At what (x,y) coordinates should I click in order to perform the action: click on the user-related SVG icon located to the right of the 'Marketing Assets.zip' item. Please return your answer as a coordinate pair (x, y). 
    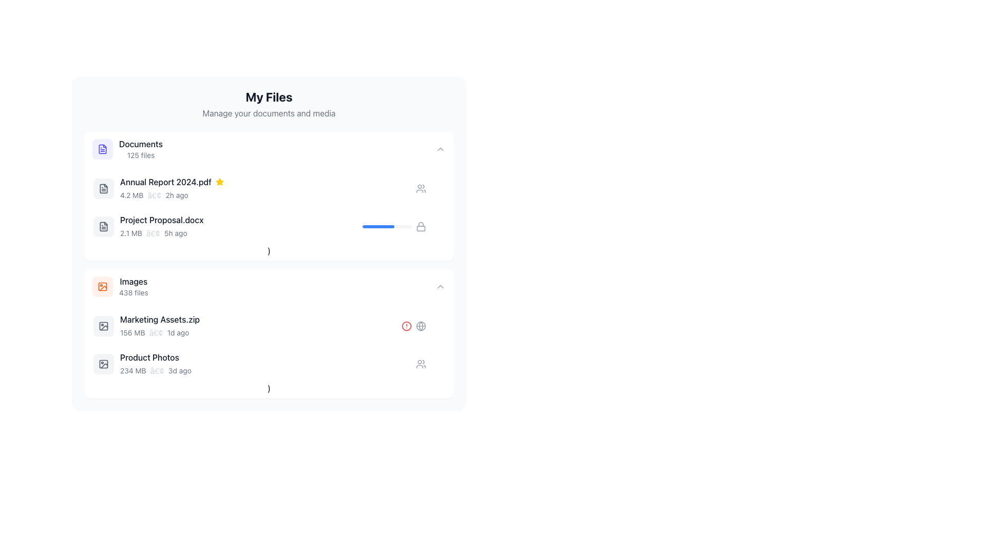
    Looking at the image, I should click on (421, 188).